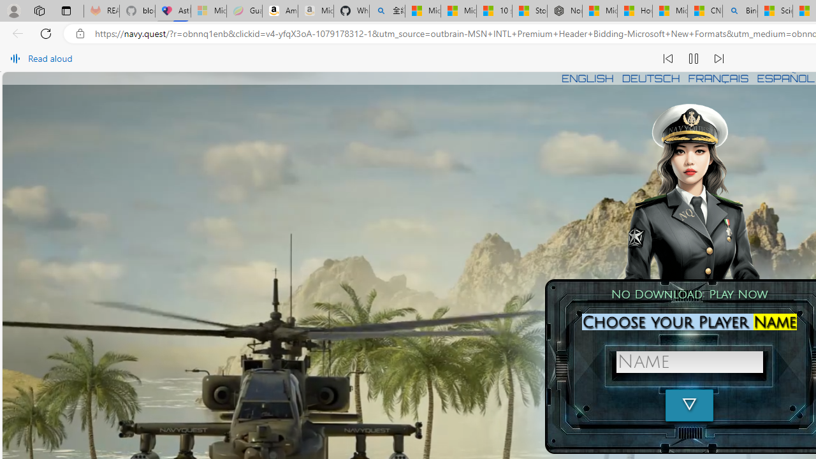 The height and width of the screenshot is (459, 816). What do you see at coordinates (13, 10) in the screenshot?
I see `'Personal Profile'` at bounding box center [13, 10].